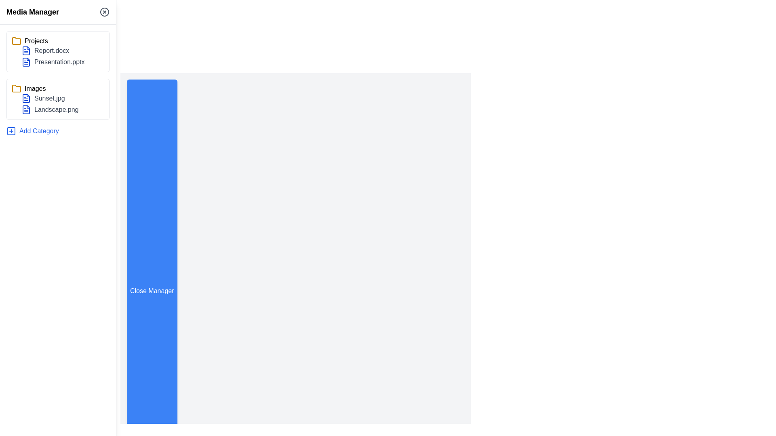 The height and width of the screenshot is (436, 776). What do you see at coordinates (32, 130) in the screenshot?
I see `the 'Add Category' interactive button, which is styled in blue and located at the bottom of the sidebar, just below 'Images' and 'Landscape.png', to initiate the addition of a new category` at bounding box center [32, 130].